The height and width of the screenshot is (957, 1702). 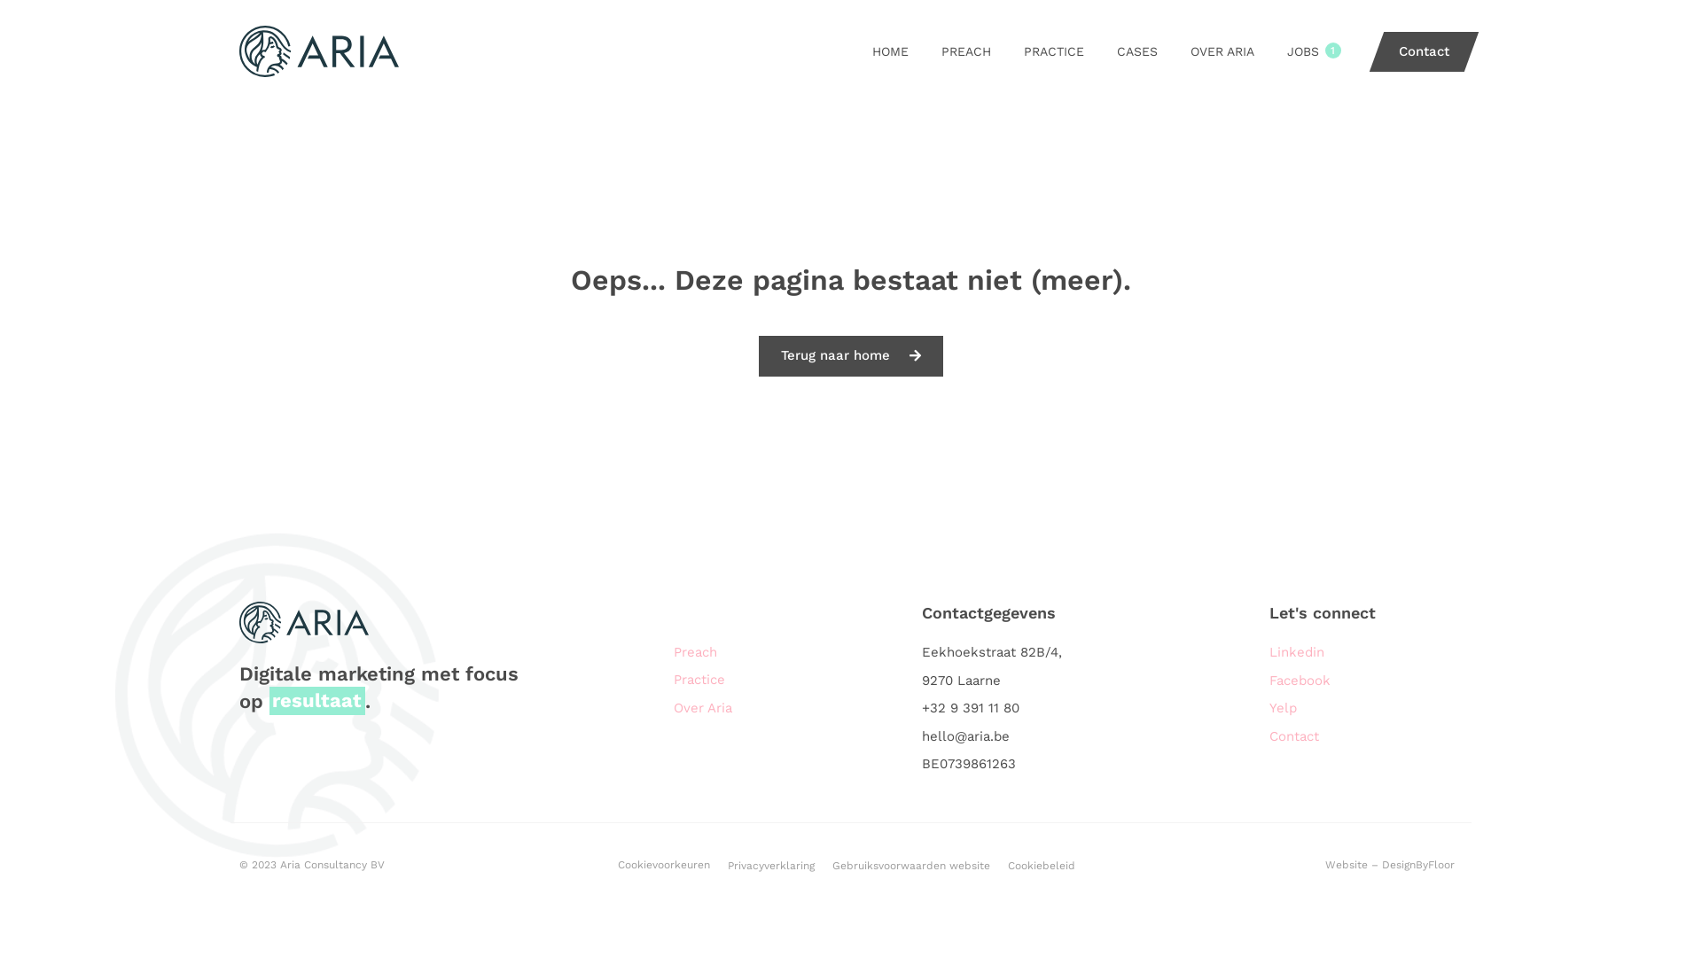 I want to click on 'Contact', so click(x=1416, y=51).